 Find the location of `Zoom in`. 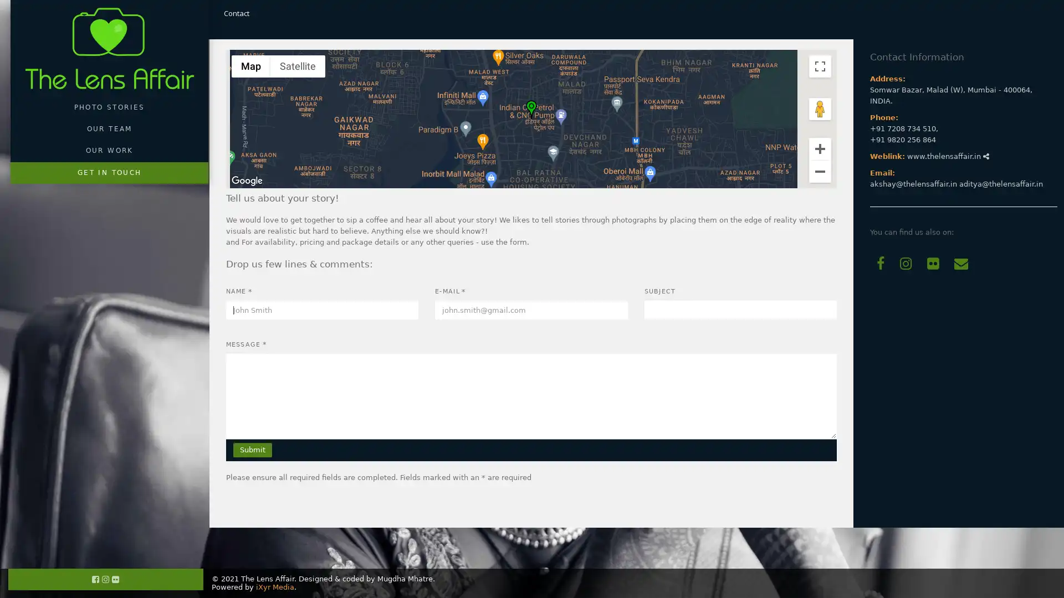

Zoom in is located at coordinates (820, 147).